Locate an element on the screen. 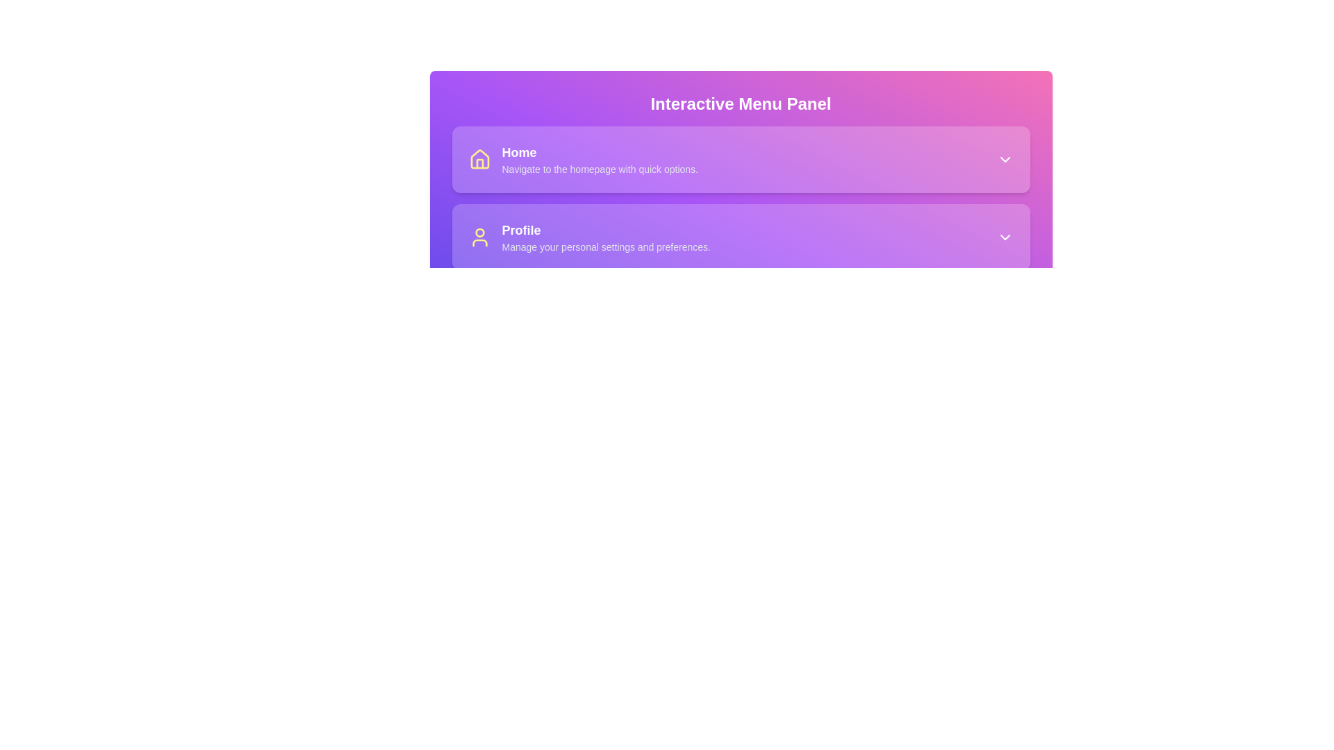  the first menu item in the 'Interactive Menu Panel' is located at coordinates (583, 159).